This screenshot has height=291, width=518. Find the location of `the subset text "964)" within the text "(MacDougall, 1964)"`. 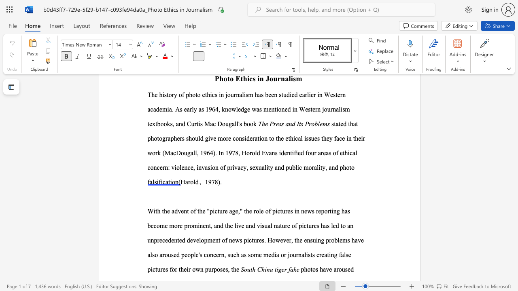

the subset text "964)" within the text "(MacDougall, 1964)" is located at coordinates (203, 153).